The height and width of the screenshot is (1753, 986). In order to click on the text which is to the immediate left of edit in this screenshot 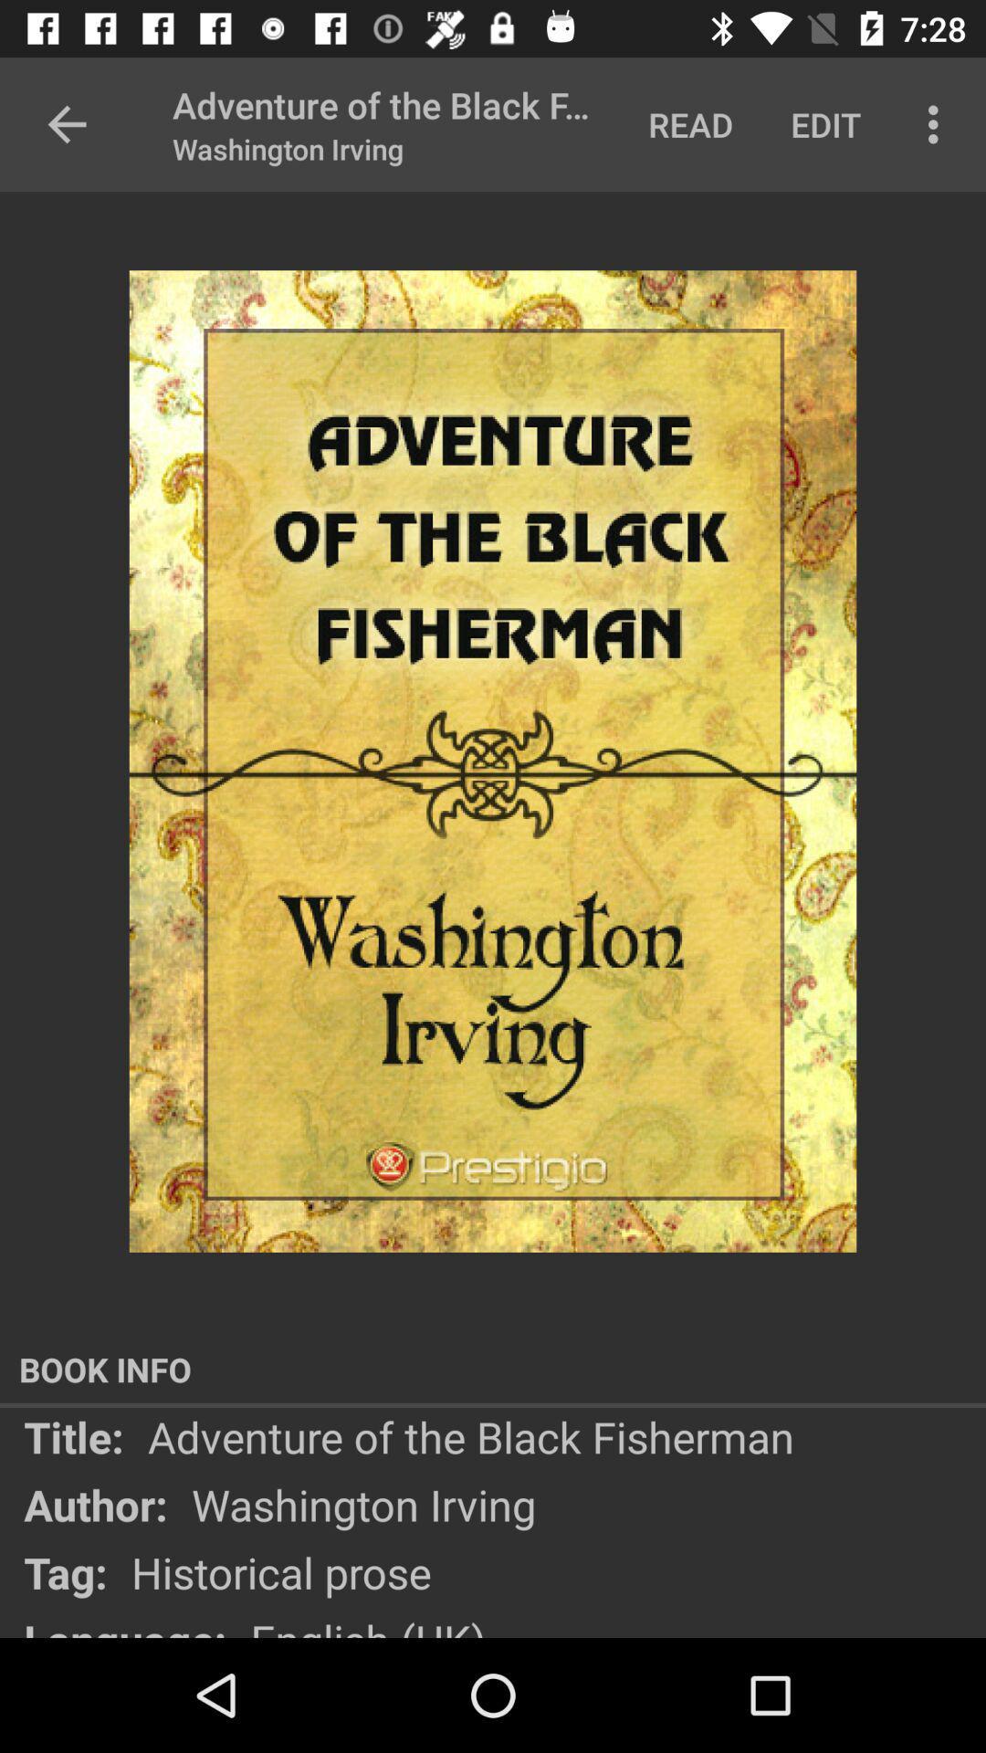, I will do `click(690, 124)`.